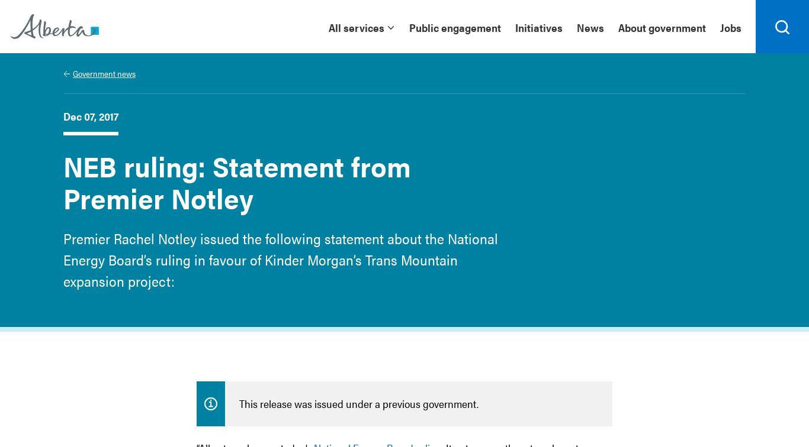  I want to click on 'Initiatives', so click(538, 27).